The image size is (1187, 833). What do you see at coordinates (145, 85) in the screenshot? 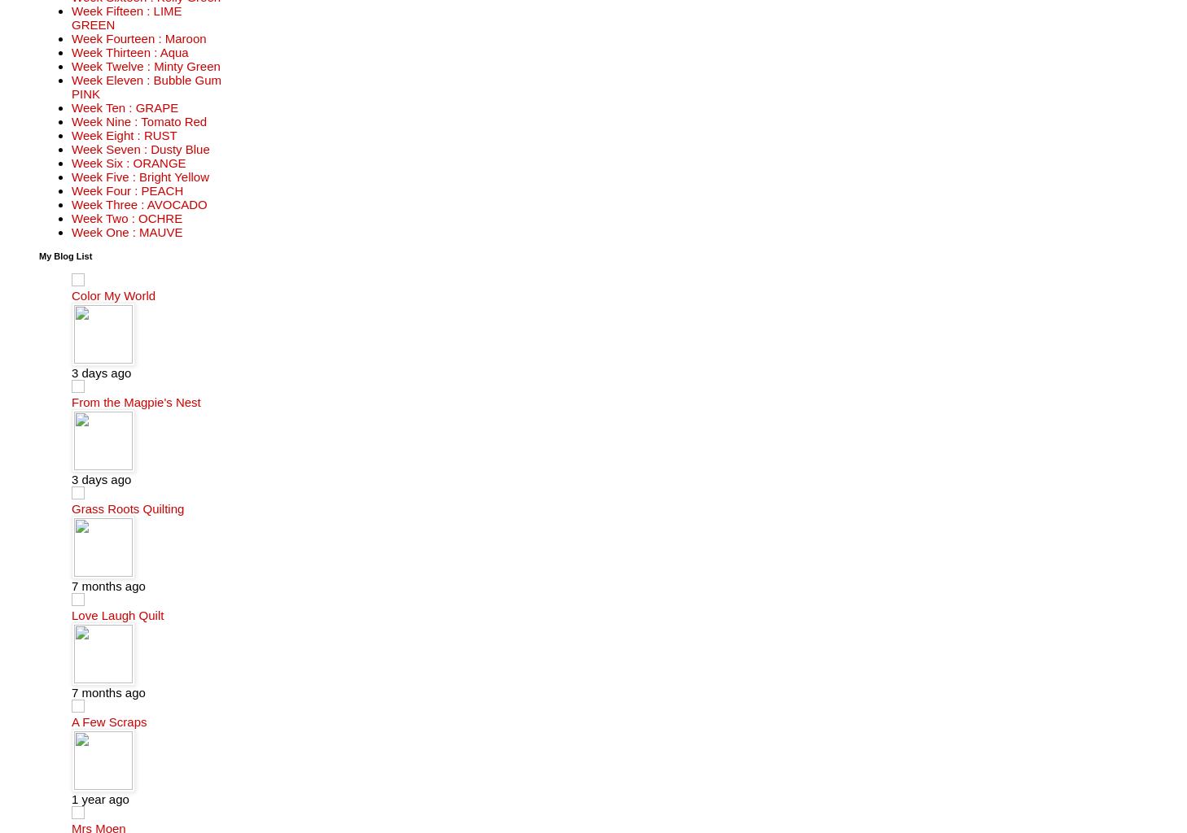
I see `'Week Eleven : Bubble Gum PINK'` at bounding box center [145, 85].